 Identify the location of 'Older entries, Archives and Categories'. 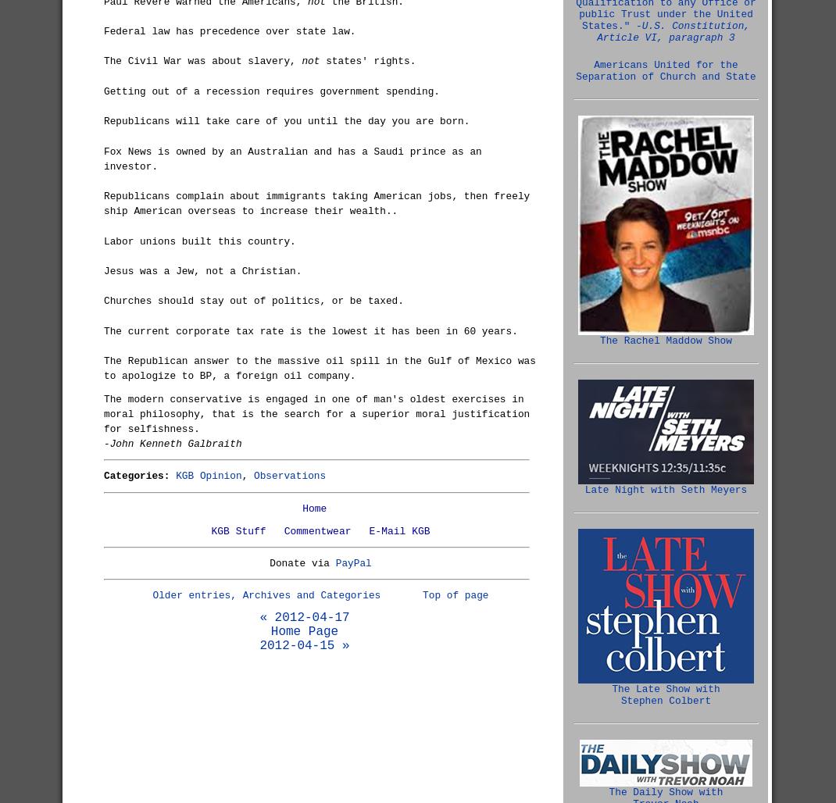
(266, 594).